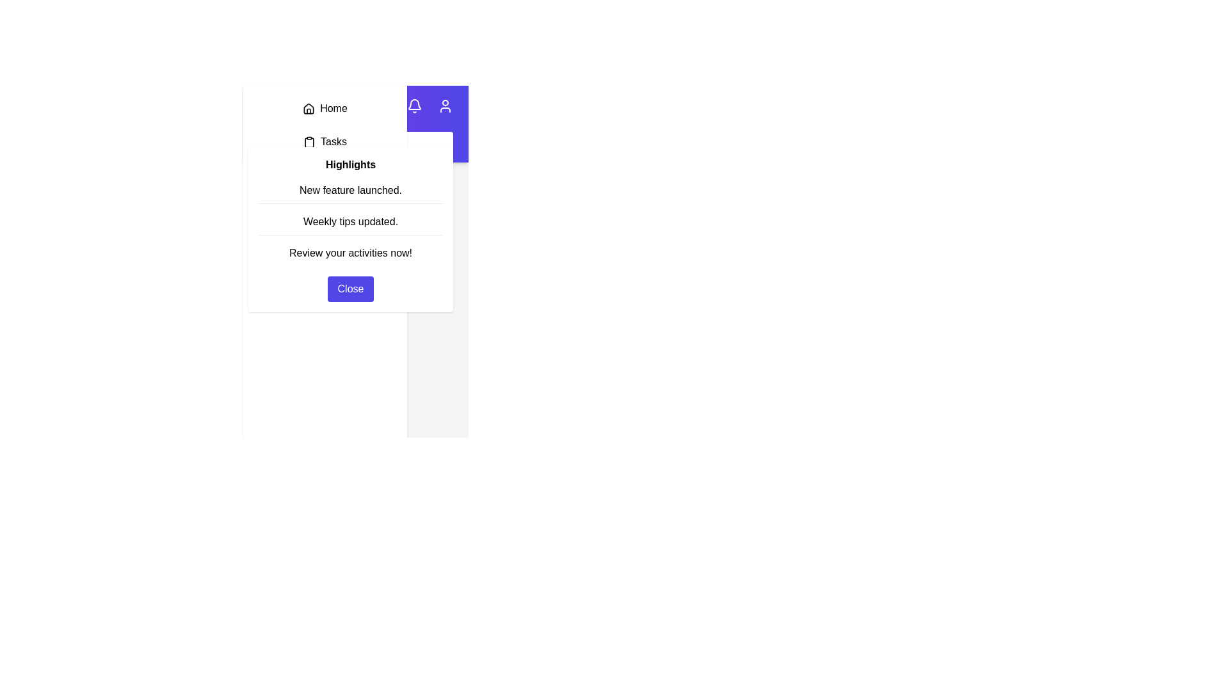 This screenshot has width=1229, height=691. Describe the element at coordinates (309, 108) in the screenshot. I see `the small house-shaped icon in the horizontal menu labeled 'Home', which is positioned to the left of the text` at that location.